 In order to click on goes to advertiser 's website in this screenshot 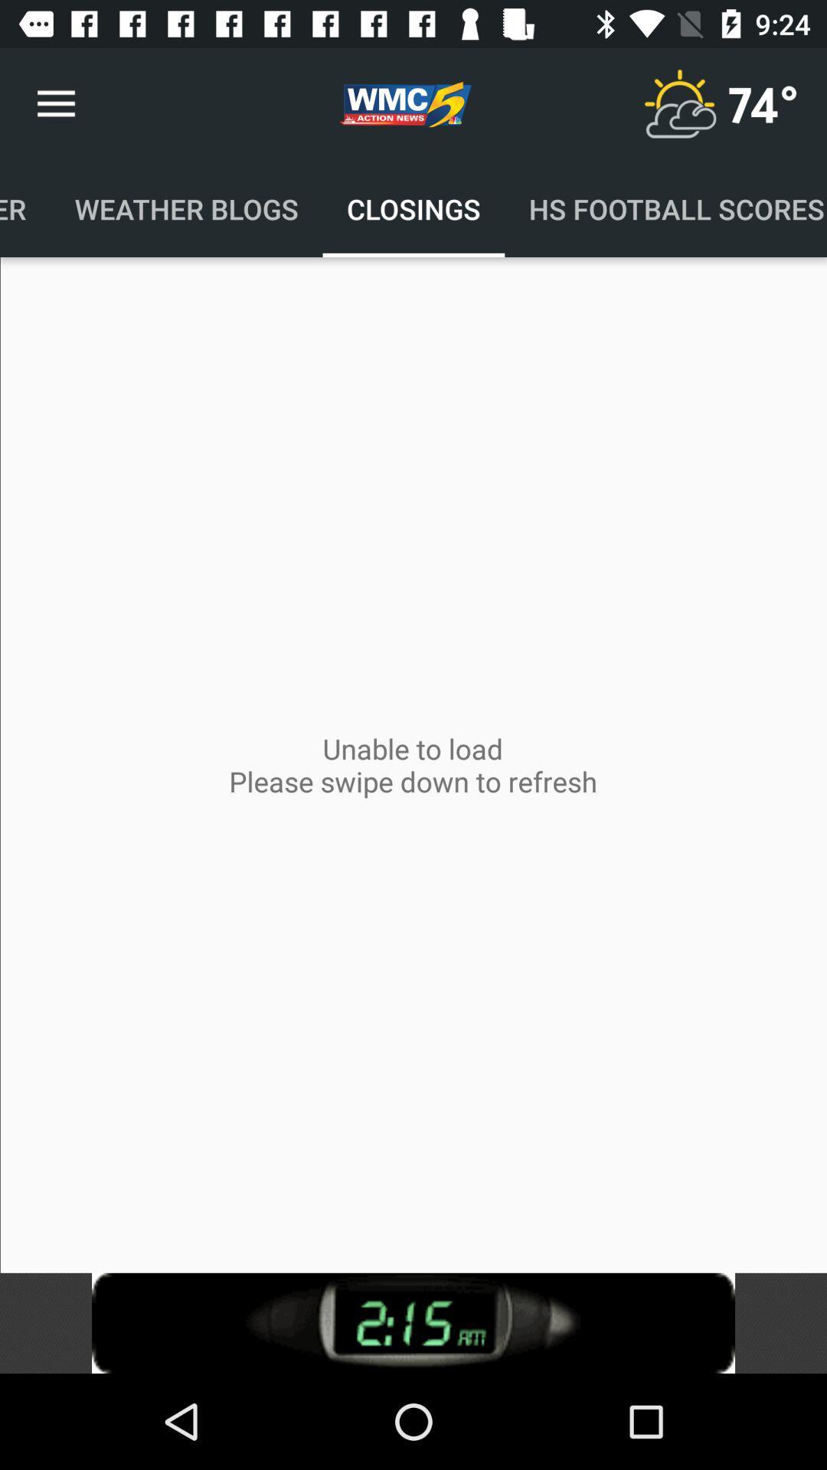, I will do `click(413, 1322)`.